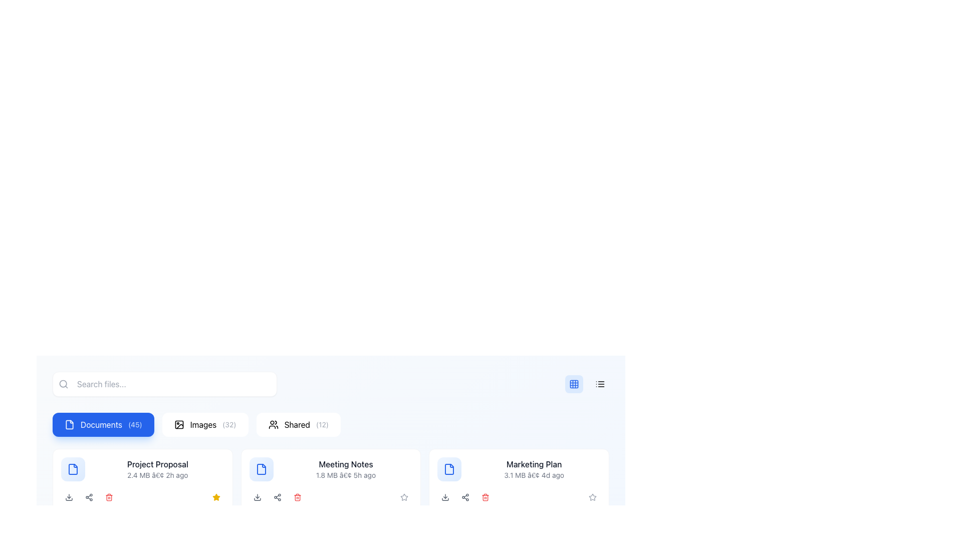  What do you see at coordinates (215, 497) in the screenshot?
I see `the favorite icon button located in the 'Documents' section below the title 'Project Proposal'` at bounding box center [215, 497].